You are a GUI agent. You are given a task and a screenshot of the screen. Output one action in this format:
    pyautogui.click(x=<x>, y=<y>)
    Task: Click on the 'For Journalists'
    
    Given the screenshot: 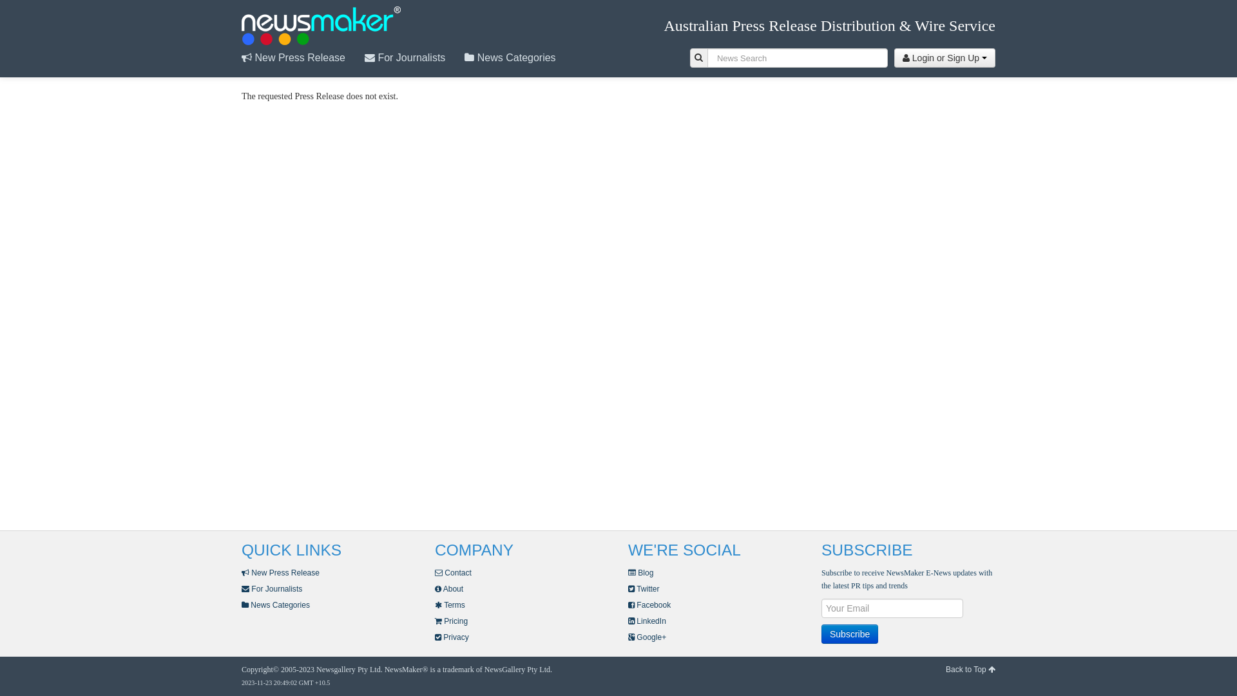 What is the action you would take?
    pyautogui.click(x=271, y=589)
    